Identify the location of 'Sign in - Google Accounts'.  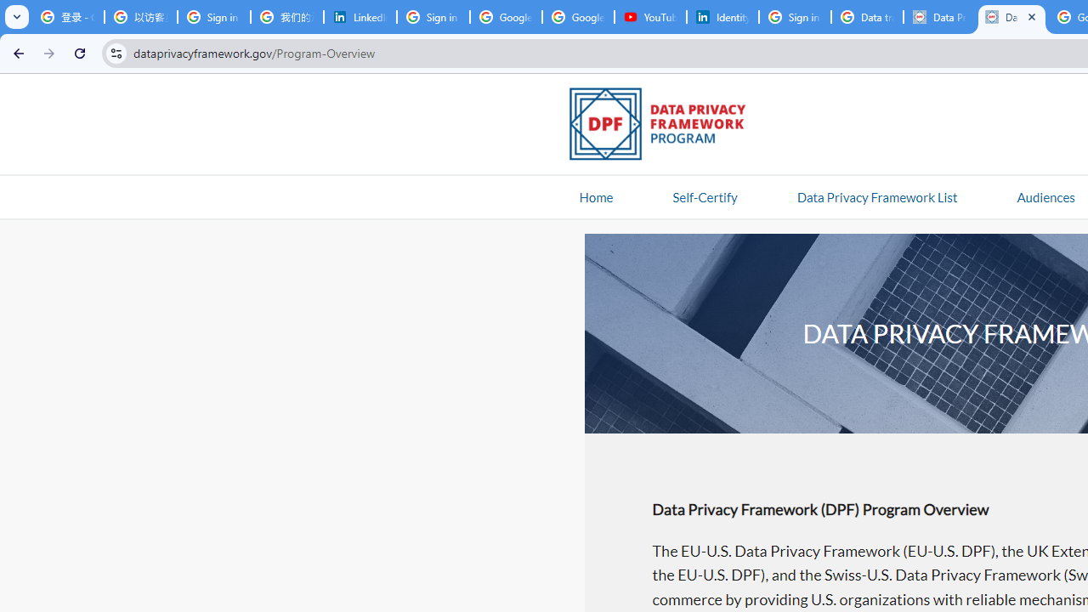
(794, 17).